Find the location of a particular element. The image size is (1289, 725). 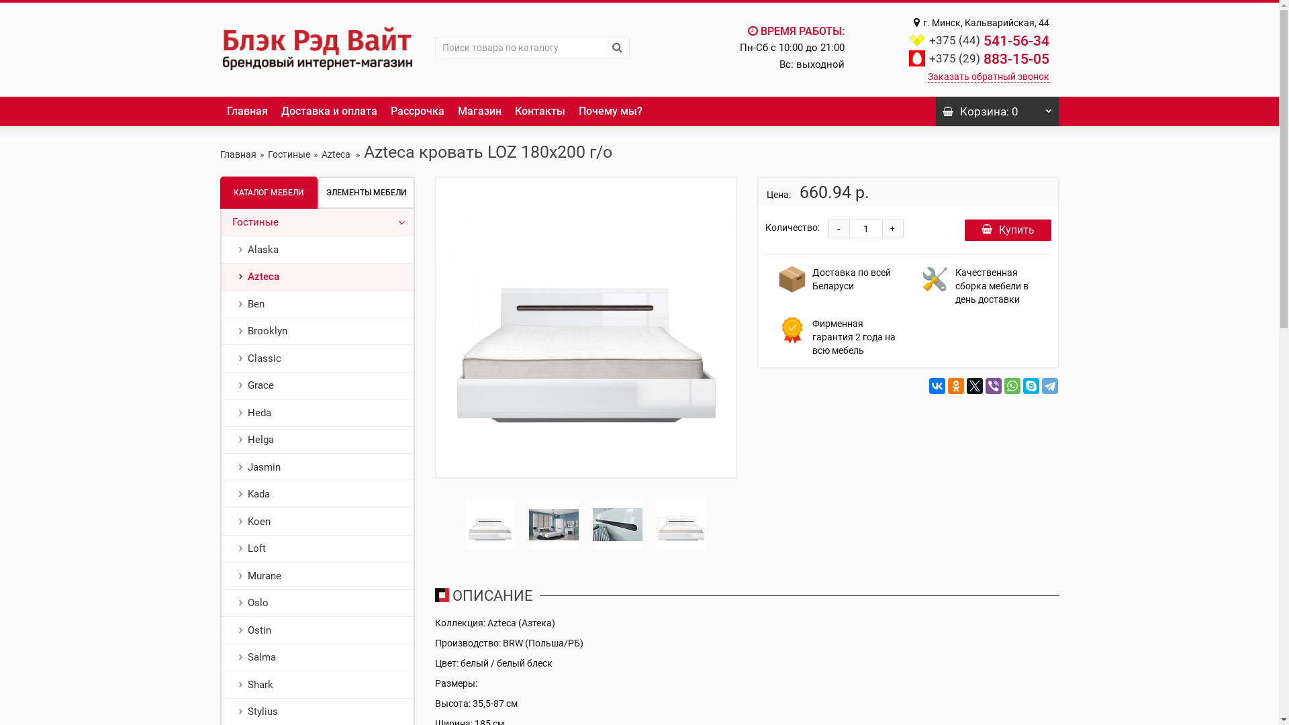

'Grace' is located at coordinates (317, 385).